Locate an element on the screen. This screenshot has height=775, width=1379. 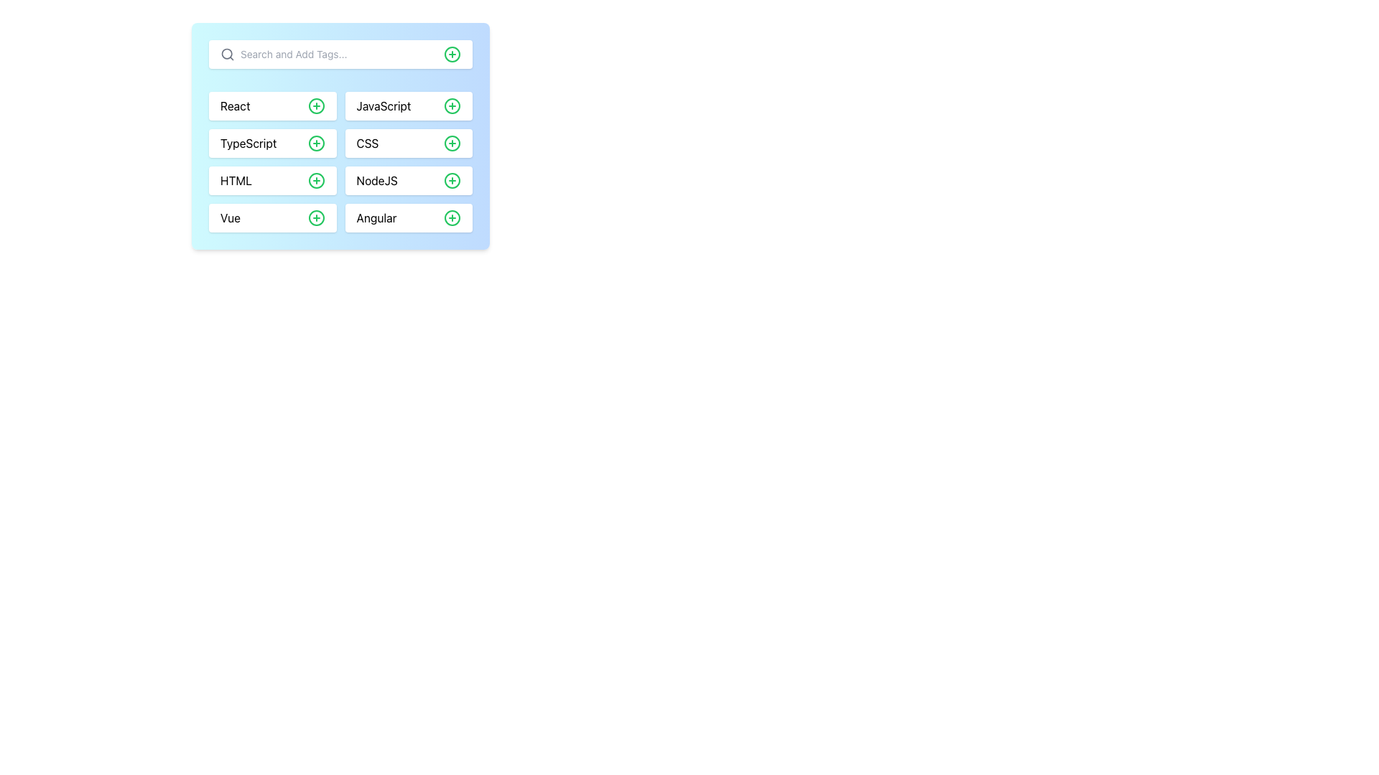
the 'JavaScript' button is located at coordinates (408, 105).